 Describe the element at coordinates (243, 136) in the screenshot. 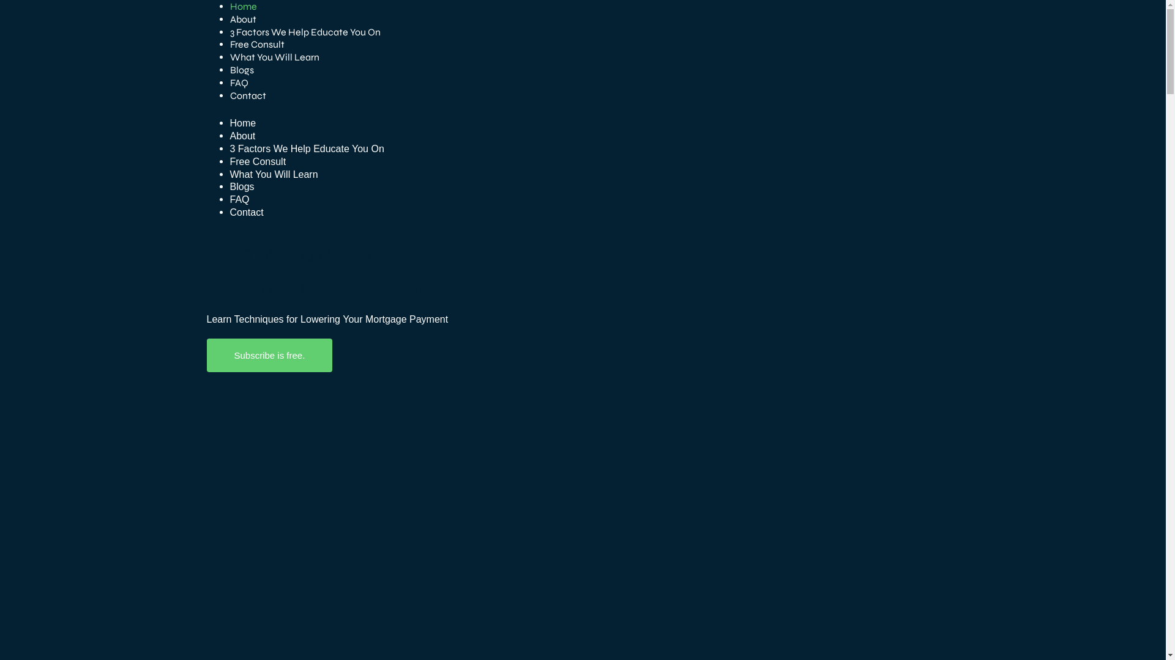

I see `'About'` at that location.